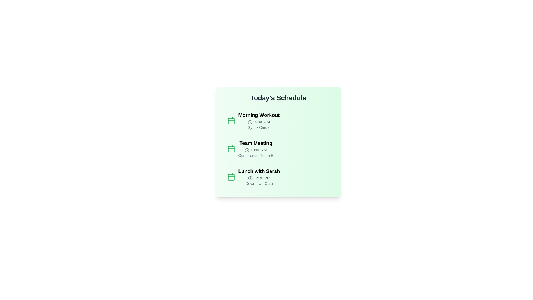 This screenshot has height=300, width=533. Describe the element at coordinates (231, 121) in the screenshot. I see `the calendar icon for the Morning Workout event` at that location.